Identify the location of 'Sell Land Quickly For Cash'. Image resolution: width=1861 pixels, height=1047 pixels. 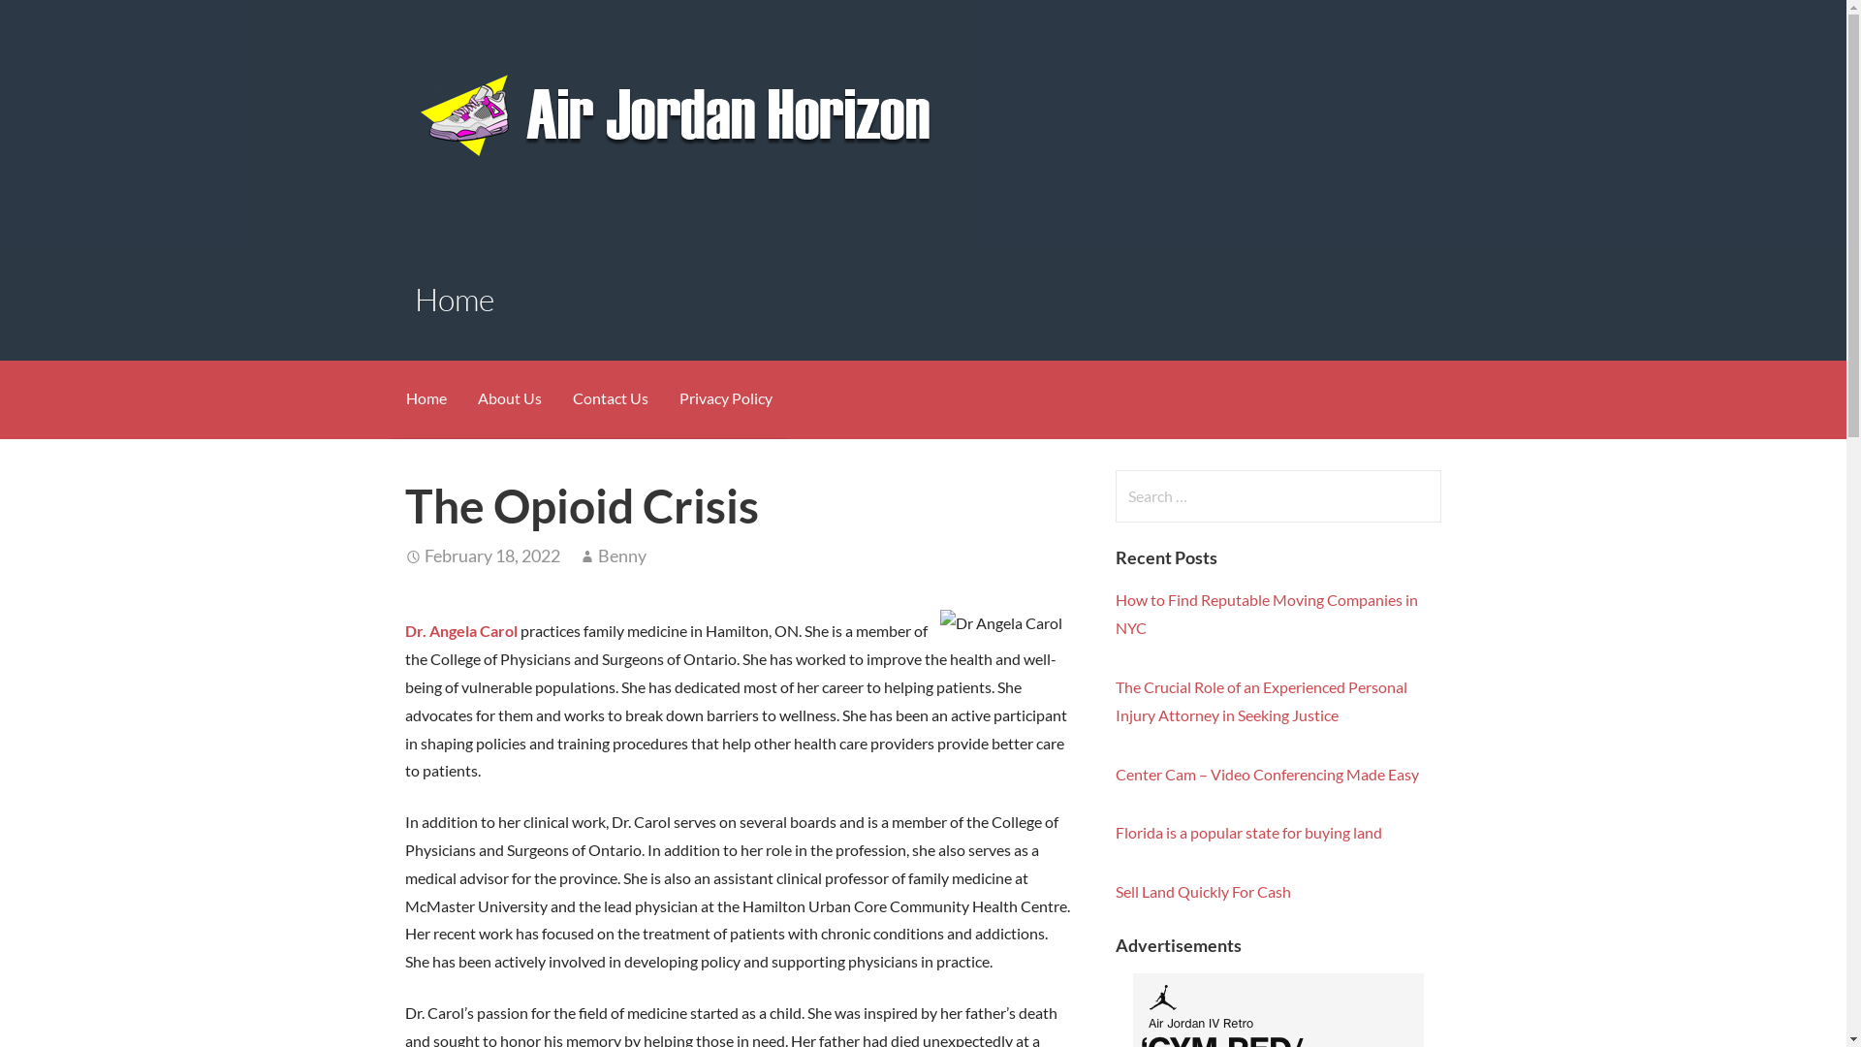
(1202, 891).